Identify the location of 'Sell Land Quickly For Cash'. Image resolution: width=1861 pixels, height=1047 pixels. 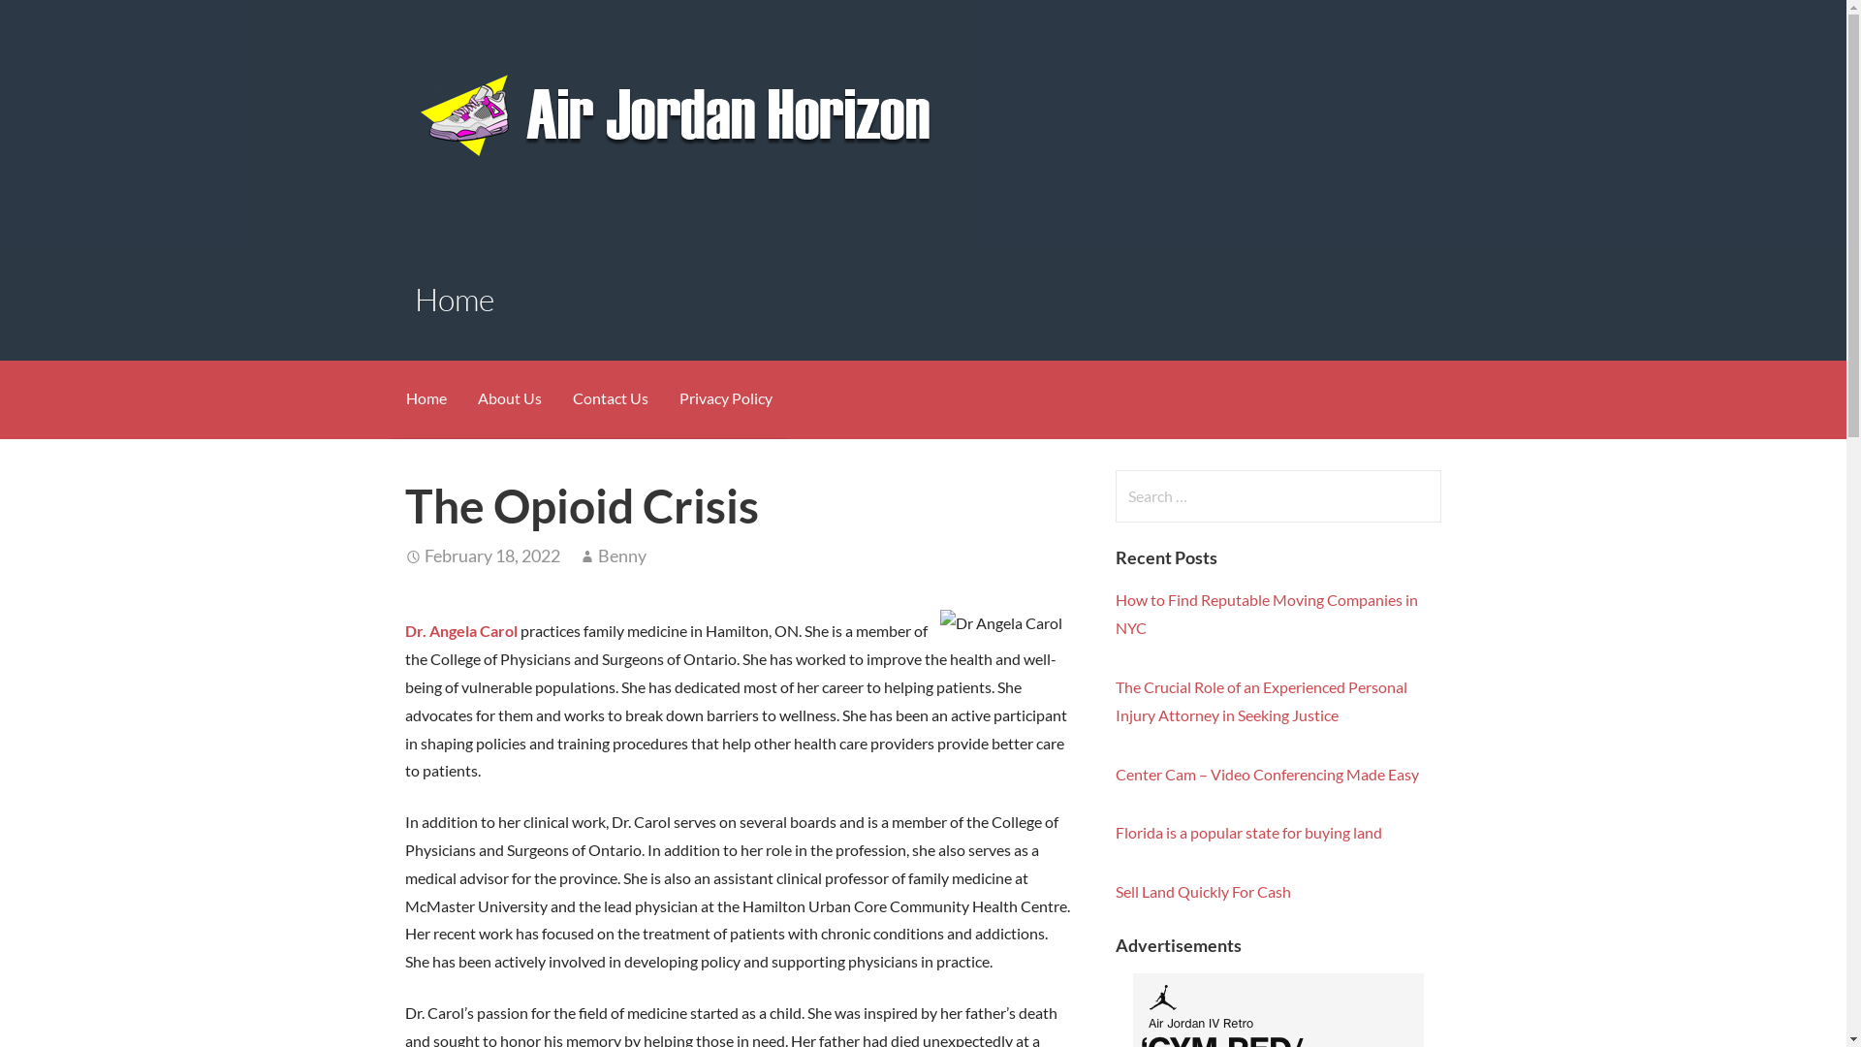
(1202, 891).